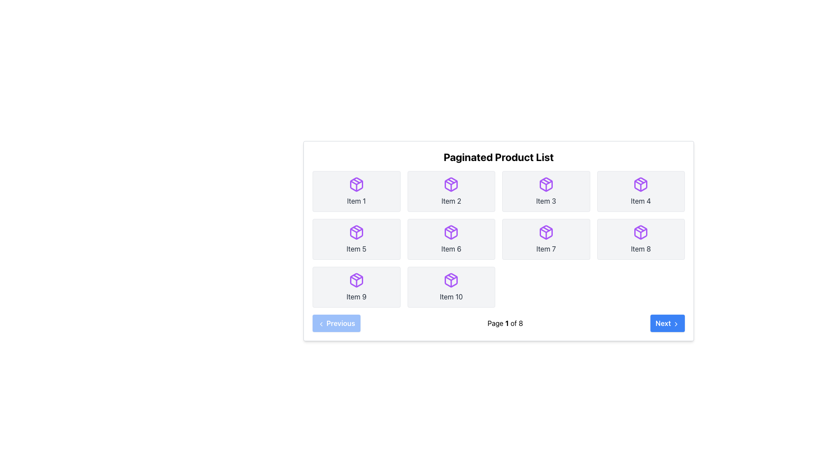  Describe the element at coordinates (545, 184) in the screenshot. I see `the purple package box icon located in the card labeled 'Item 3' in the first row of a 4-column grid layout` at that location.